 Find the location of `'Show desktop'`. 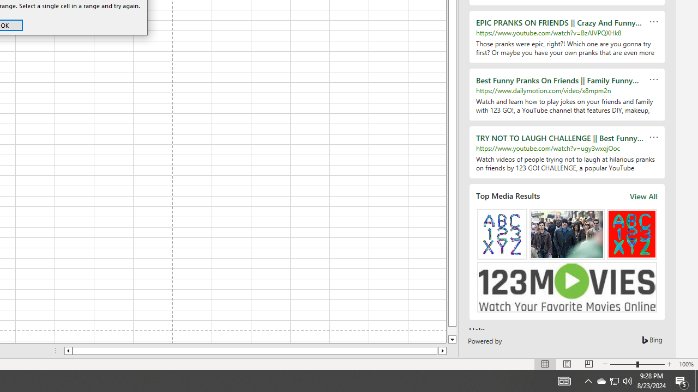

'Show desktop' is located at coordinates (696, 380).